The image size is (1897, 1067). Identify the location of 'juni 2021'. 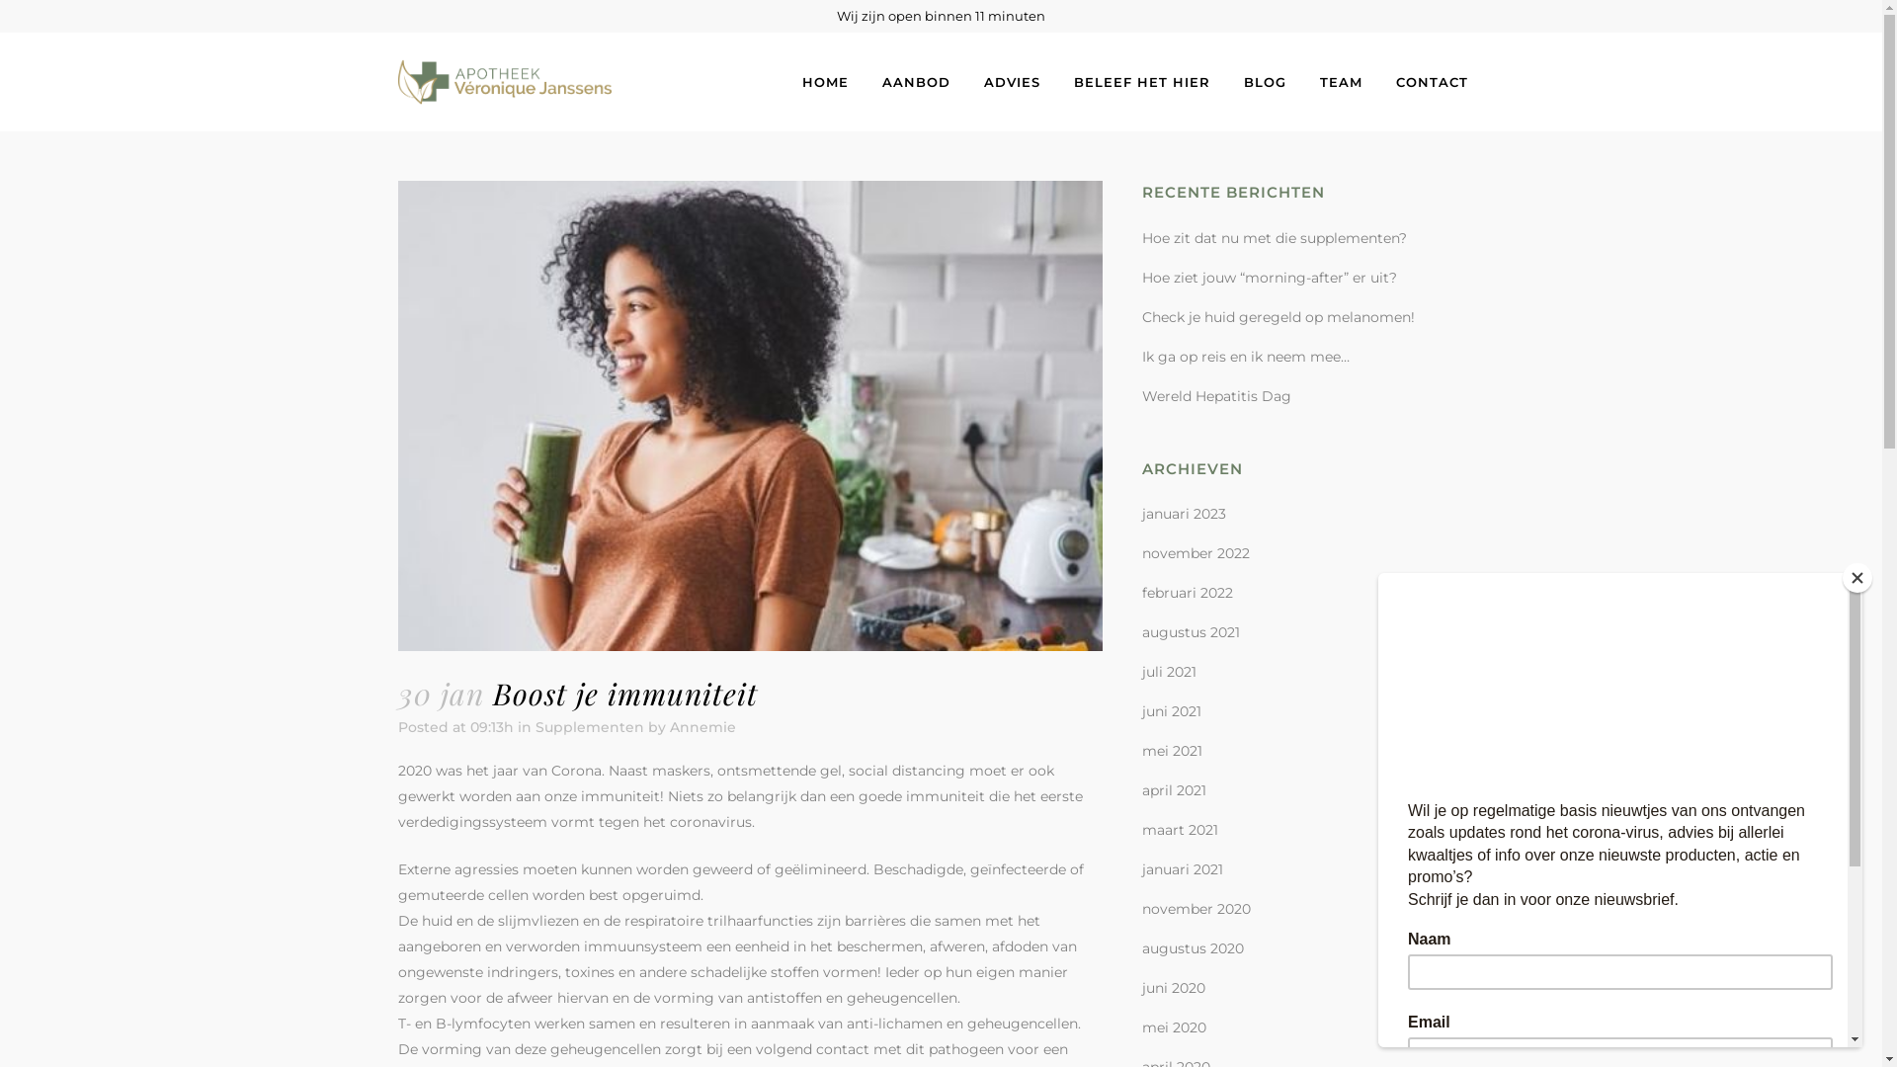
(1171, 711).